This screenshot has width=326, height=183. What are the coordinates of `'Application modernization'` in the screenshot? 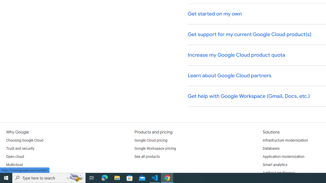 It's located at (283, 157).